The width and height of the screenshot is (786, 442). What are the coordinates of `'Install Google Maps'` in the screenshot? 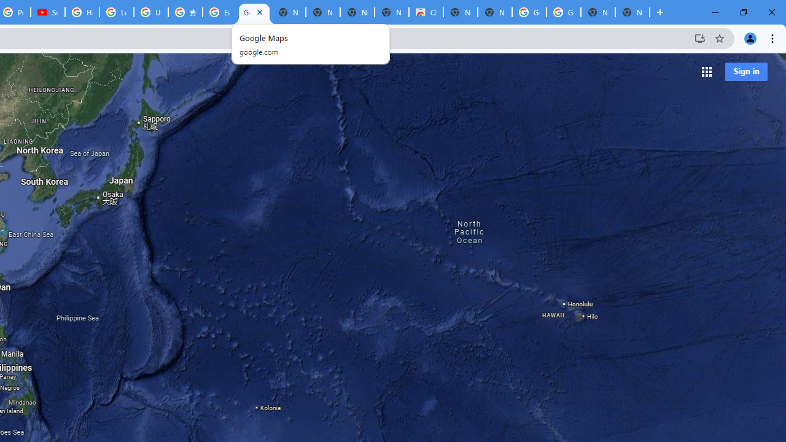 It's located at (699, 37).